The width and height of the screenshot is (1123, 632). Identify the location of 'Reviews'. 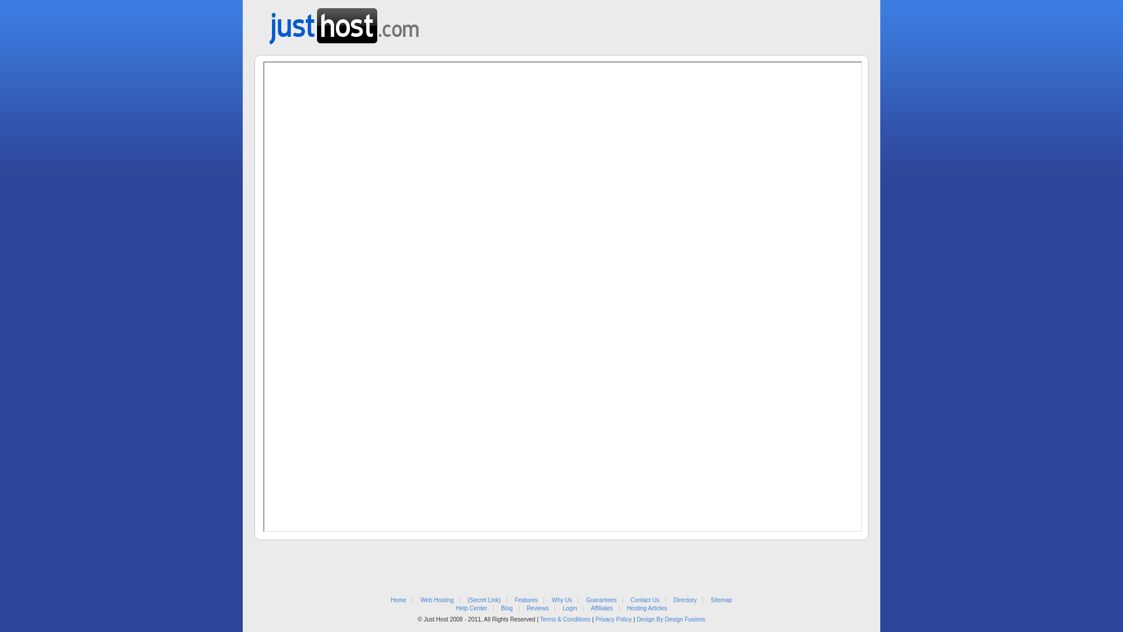
(536, 607).